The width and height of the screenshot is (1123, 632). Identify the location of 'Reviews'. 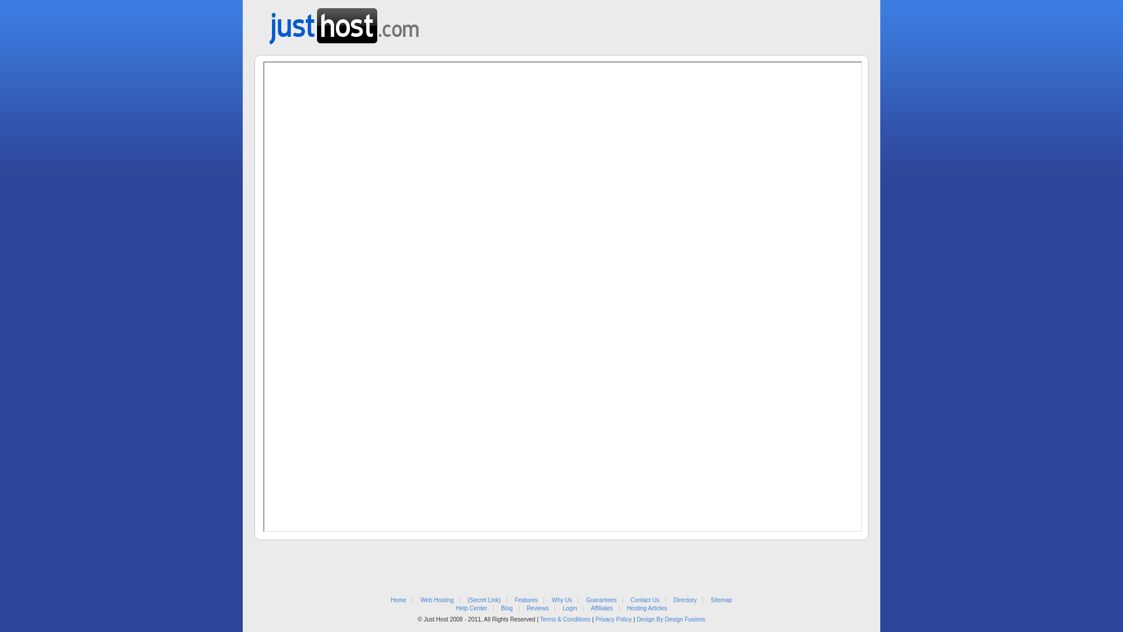
(536, 607).